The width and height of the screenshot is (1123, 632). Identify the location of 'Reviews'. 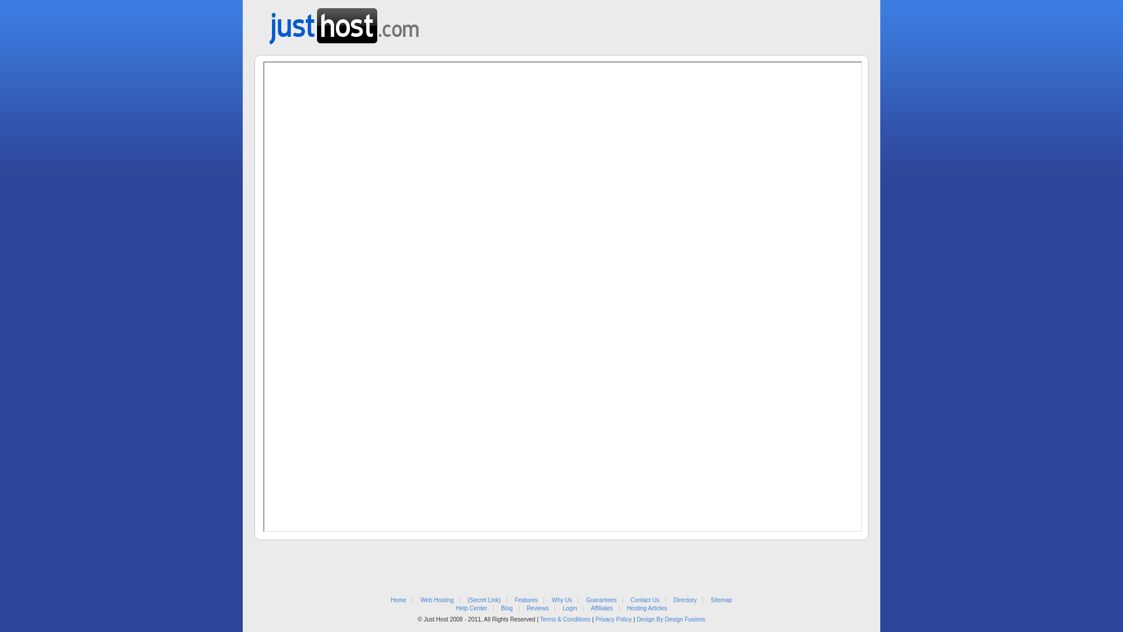
(536, 607).